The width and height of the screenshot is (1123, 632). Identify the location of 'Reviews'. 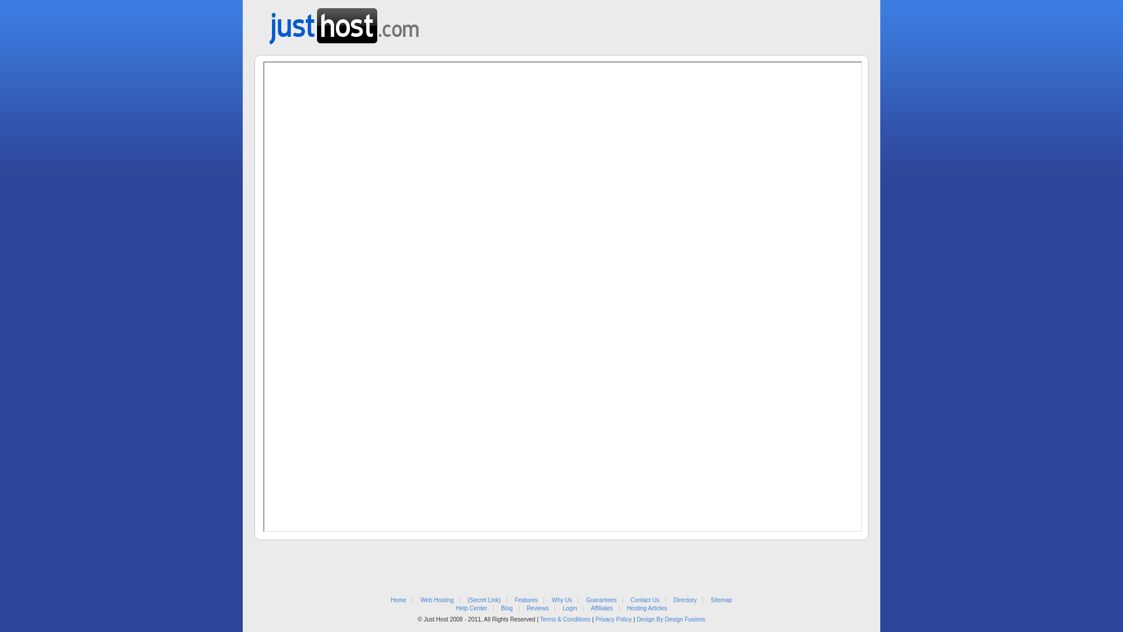
(536, 607).